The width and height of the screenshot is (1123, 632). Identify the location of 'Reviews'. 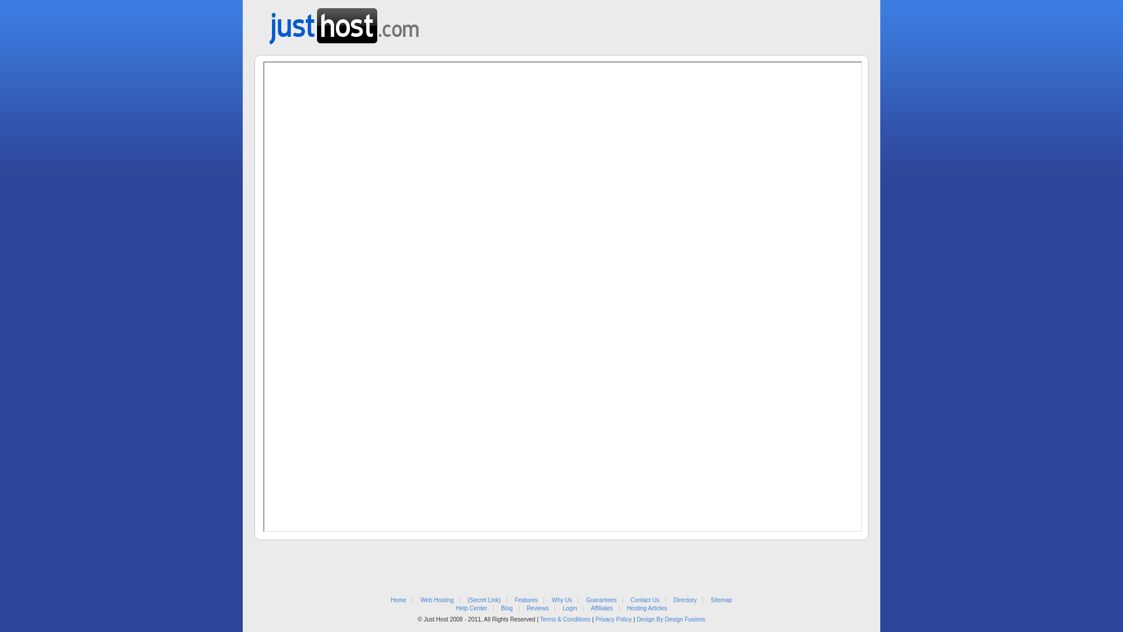
(536, 607).